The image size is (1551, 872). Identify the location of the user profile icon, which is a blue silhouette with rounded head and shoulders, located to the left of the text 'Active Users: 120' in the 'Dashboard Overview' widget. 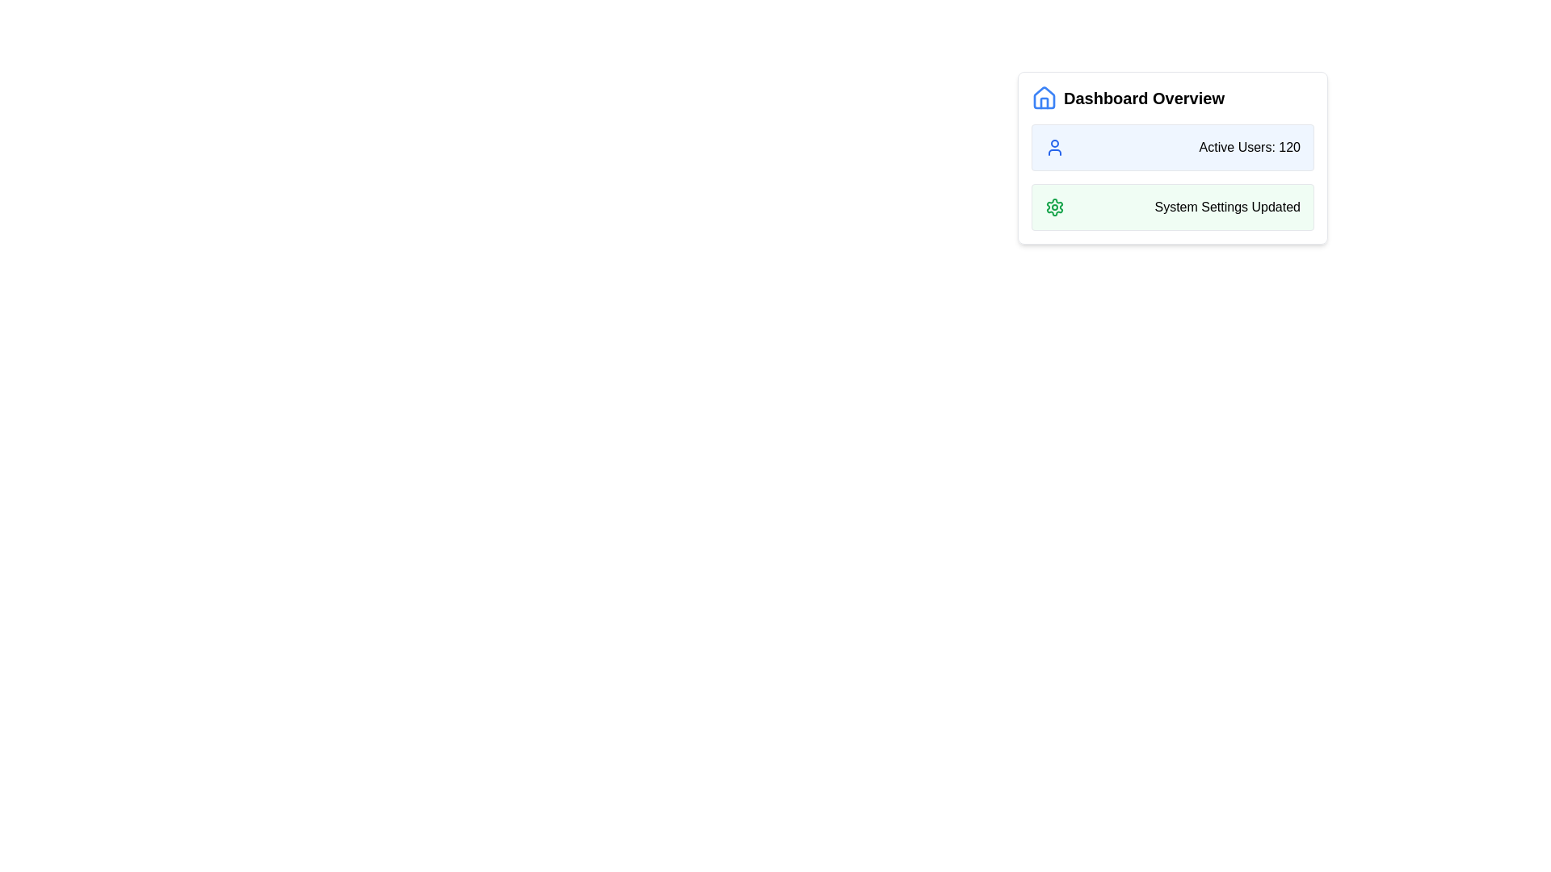
(1054, 147).